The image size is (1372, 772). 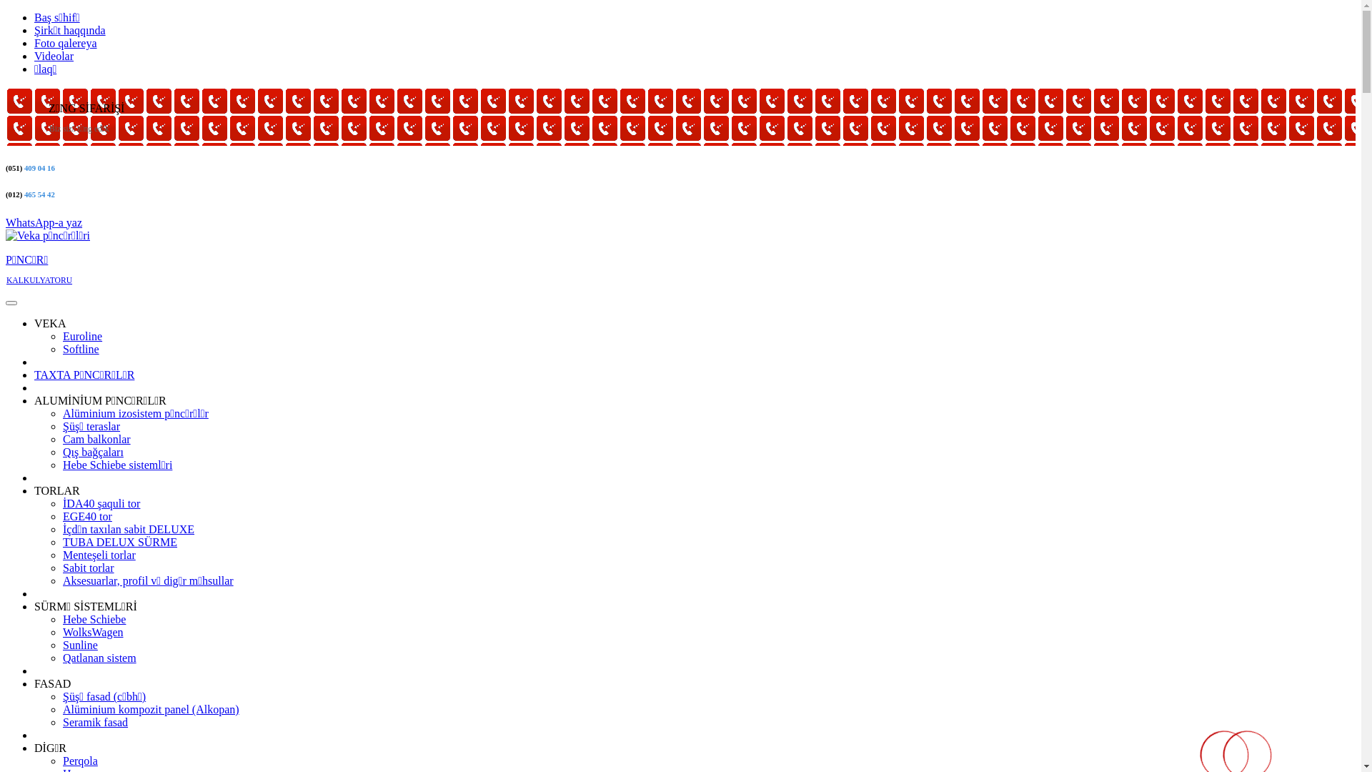 What do you see at coordinates (57, 490) in the screenshot?
I see `'TORLAR'` at bounding box center [57, 490].